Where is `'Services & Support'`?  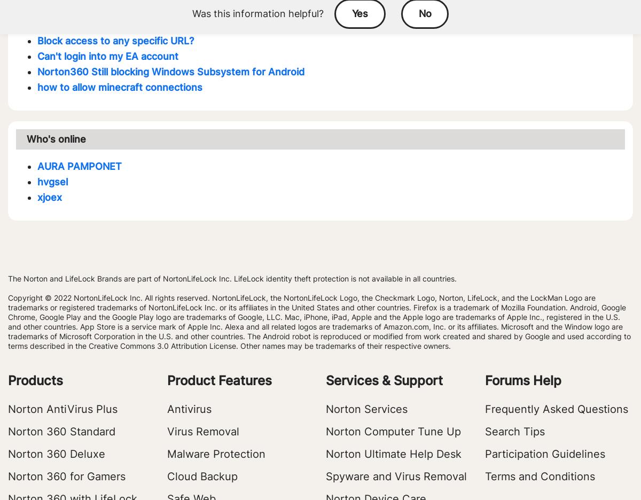
'Services & Support' is located at coordinates (384, 380).